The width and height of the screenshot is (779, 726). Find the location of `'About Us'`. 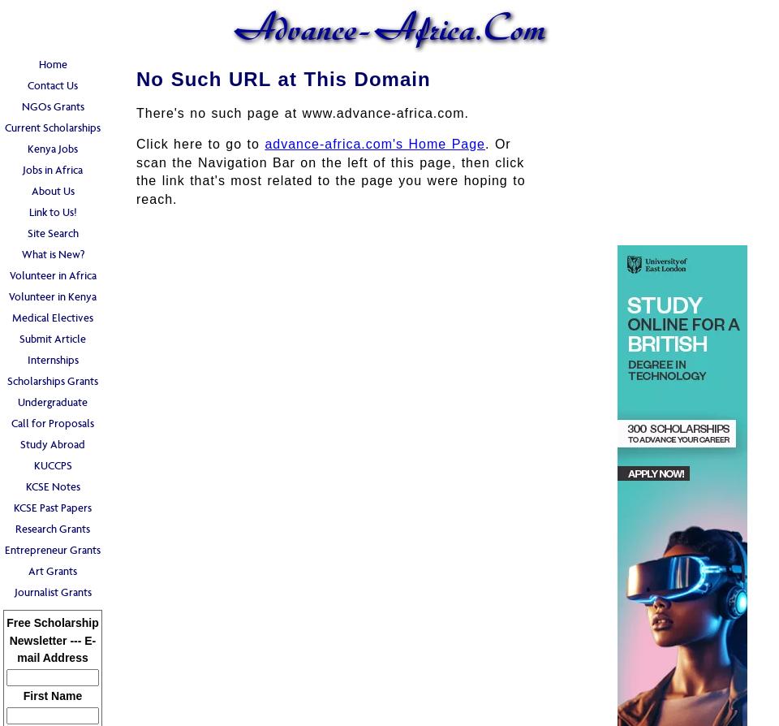

'About Us' is located at coordinates (52, 190).